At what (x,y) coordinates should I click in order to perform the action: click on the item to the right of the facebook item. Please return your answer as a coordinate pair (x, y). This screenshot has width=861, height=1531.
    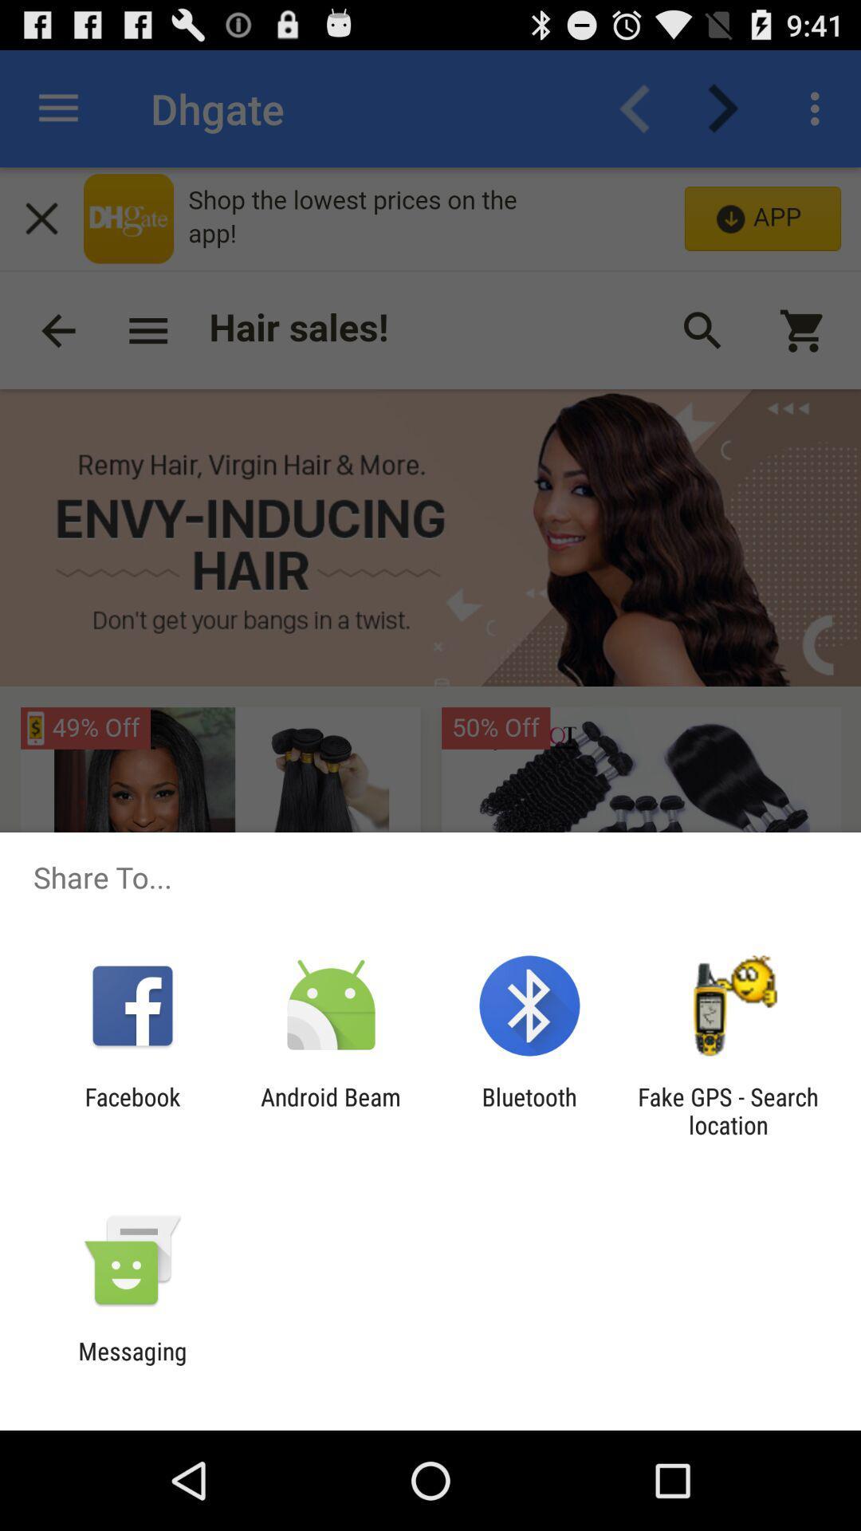
    Looking at the image, I should click on (330, 1110).